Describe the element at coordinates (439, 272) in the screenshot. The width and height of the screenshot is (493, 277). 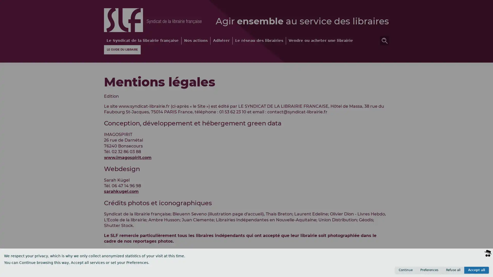
I see `Anonymous` at that location.